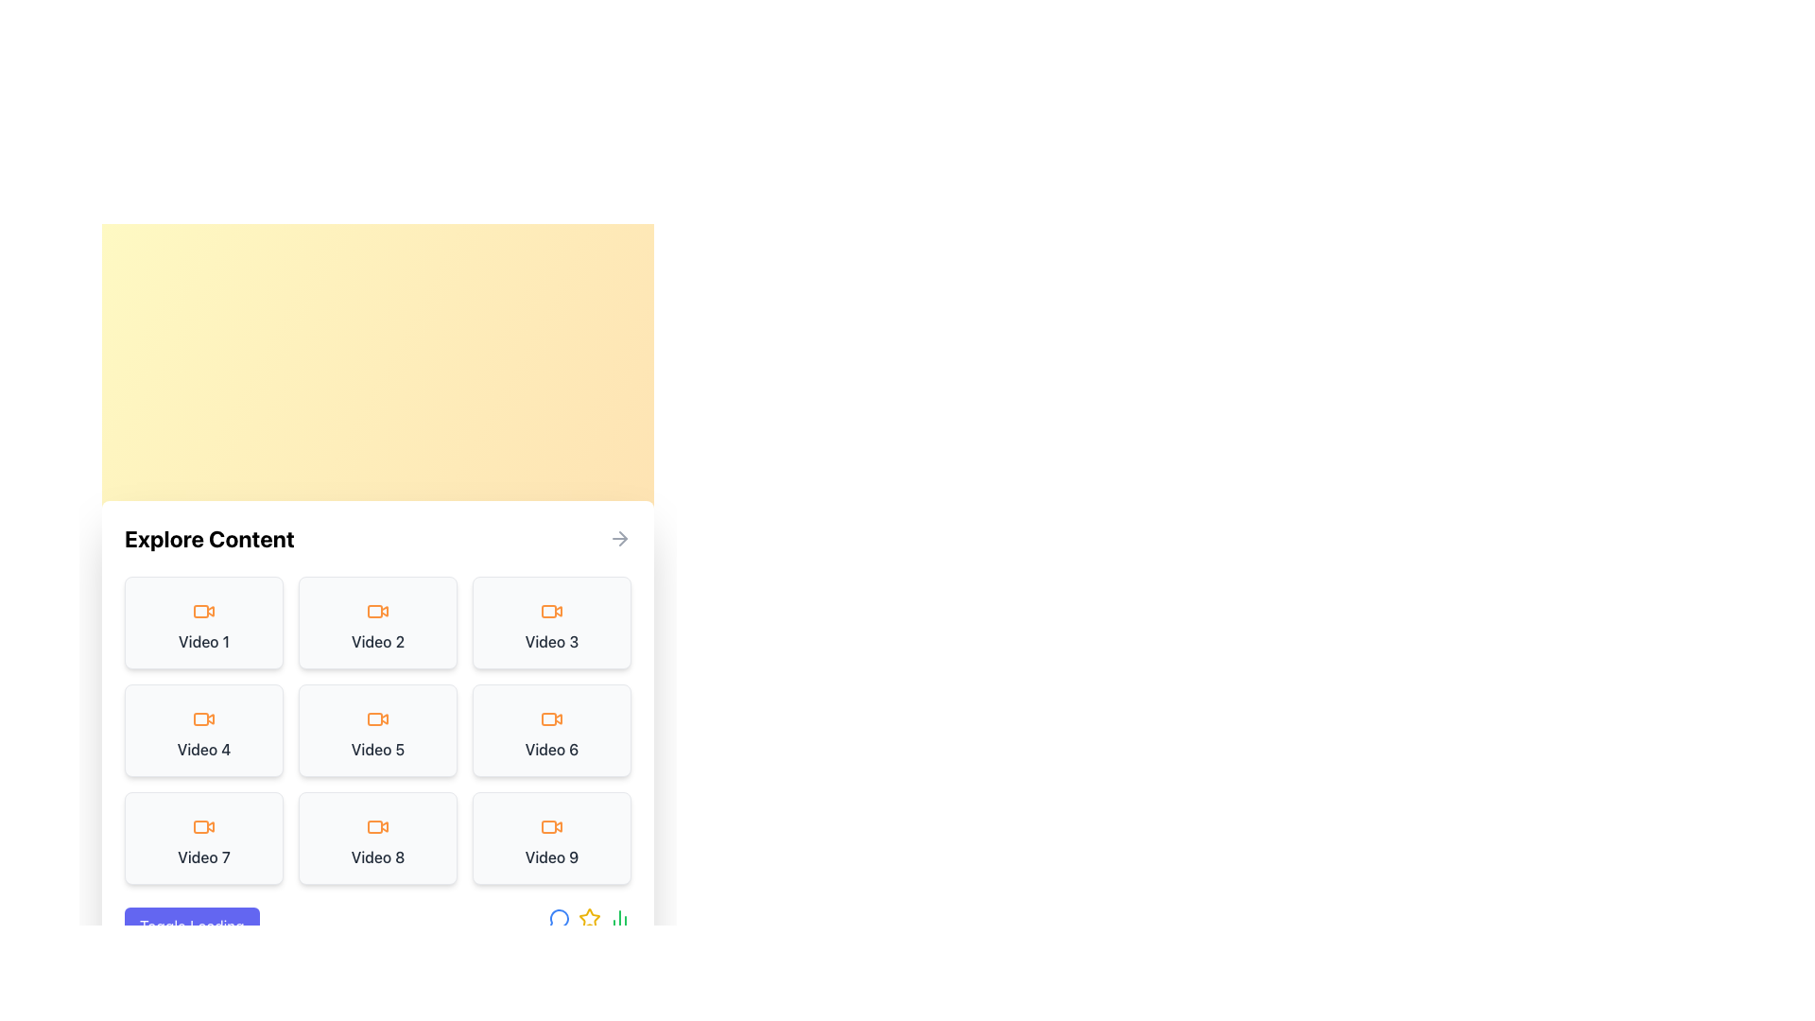  What do you see at coordinates (551, 623) in the screenshot?
I see `the rectangular card with rounded corners and a shadow effect, featuring an orange video icon at the top center and the text 'Video 3' below it` at bounding box center [551, 623].